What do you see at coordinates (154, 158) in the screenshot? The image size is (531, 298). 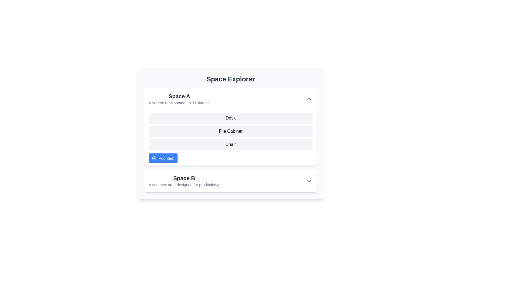 I see `the circular '+' icon with a blue stroke located on the 'Add Item' button, which is positioned under the 'Space A' section` at bounding box center [154, 158].